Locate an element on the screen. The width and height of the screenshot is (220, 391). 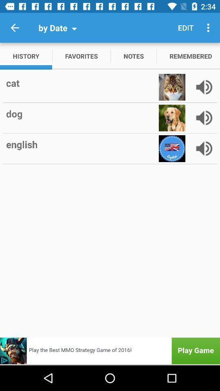
the edit item is located at coordinates (185, 28).